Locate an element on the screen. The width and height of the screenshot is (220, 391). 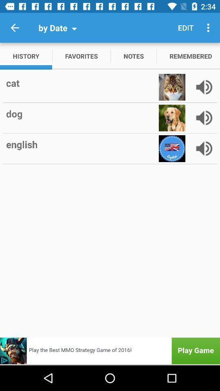
the edit item is located at coordinates (185, 28).